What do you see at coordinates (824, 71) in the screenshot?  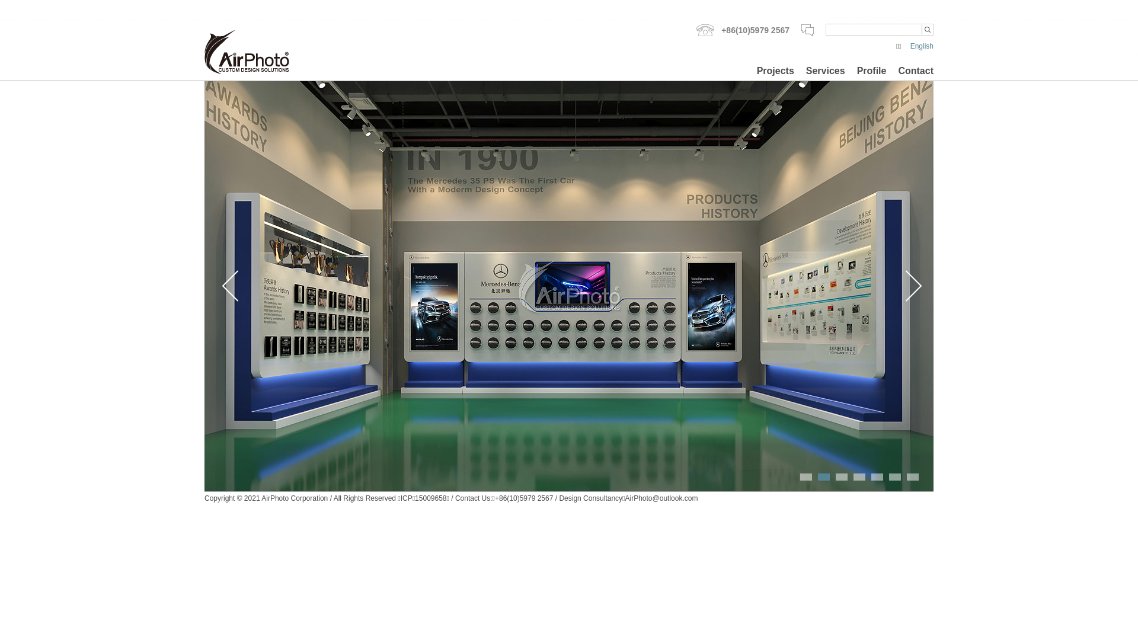 I see `'Services'` at bounding box center [824, 71].